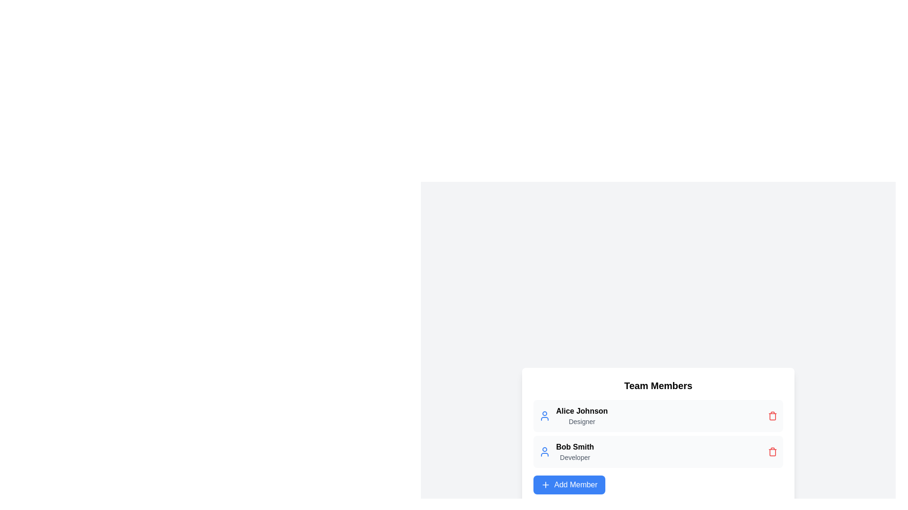 Image resolution: width=908 pixels, height=510 pixels. What do you see at coordinates (658, 451) in the screenshot?
I see `displayed information of the team member list item located below 'Alice Johnson Designer'` at bounding box center [658, 451].